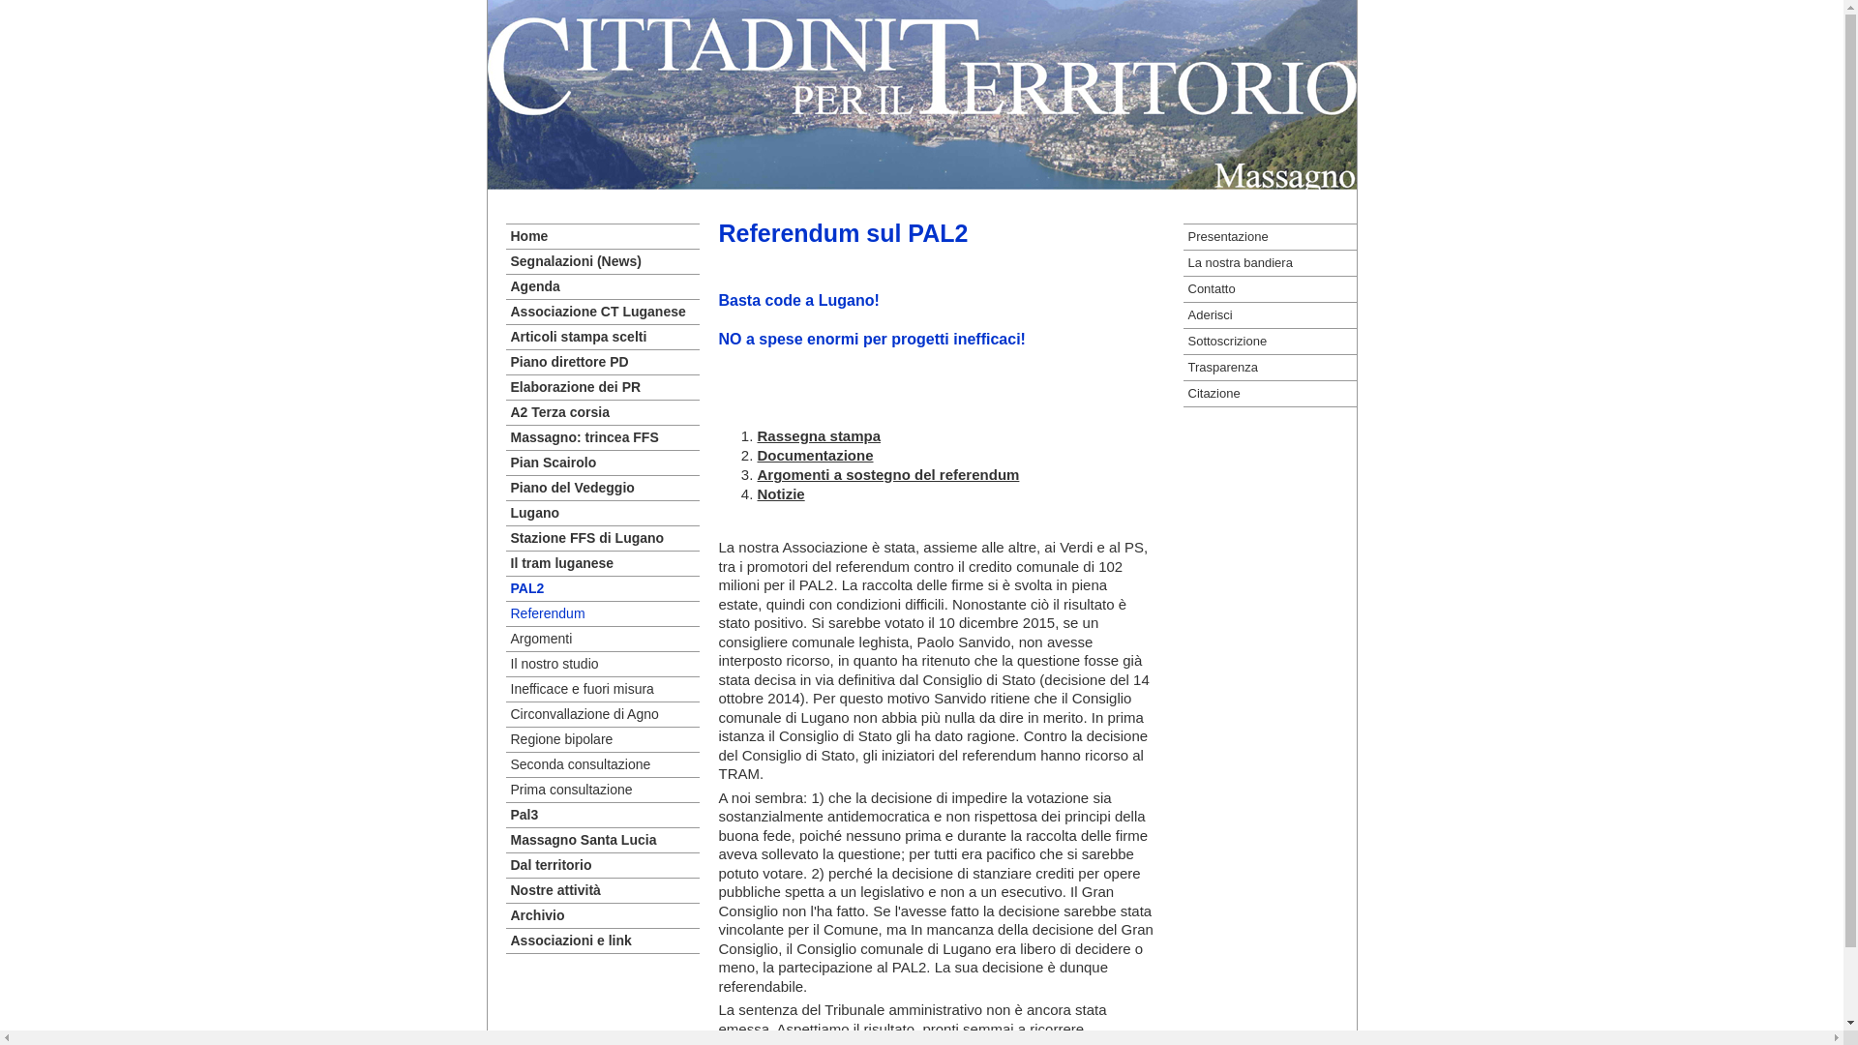 The image size is (1858, 1045). What do you see at coordinates (601, 739) in the screenshot?
I see `'Regione bipolare'` at bounding box center [601, 739].